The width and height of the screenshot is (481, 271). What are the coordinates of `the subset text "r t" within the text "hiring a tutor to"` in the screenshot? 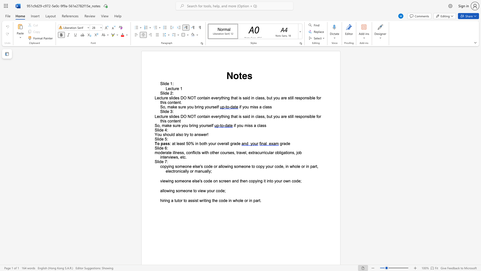 It's located at (181, 200).